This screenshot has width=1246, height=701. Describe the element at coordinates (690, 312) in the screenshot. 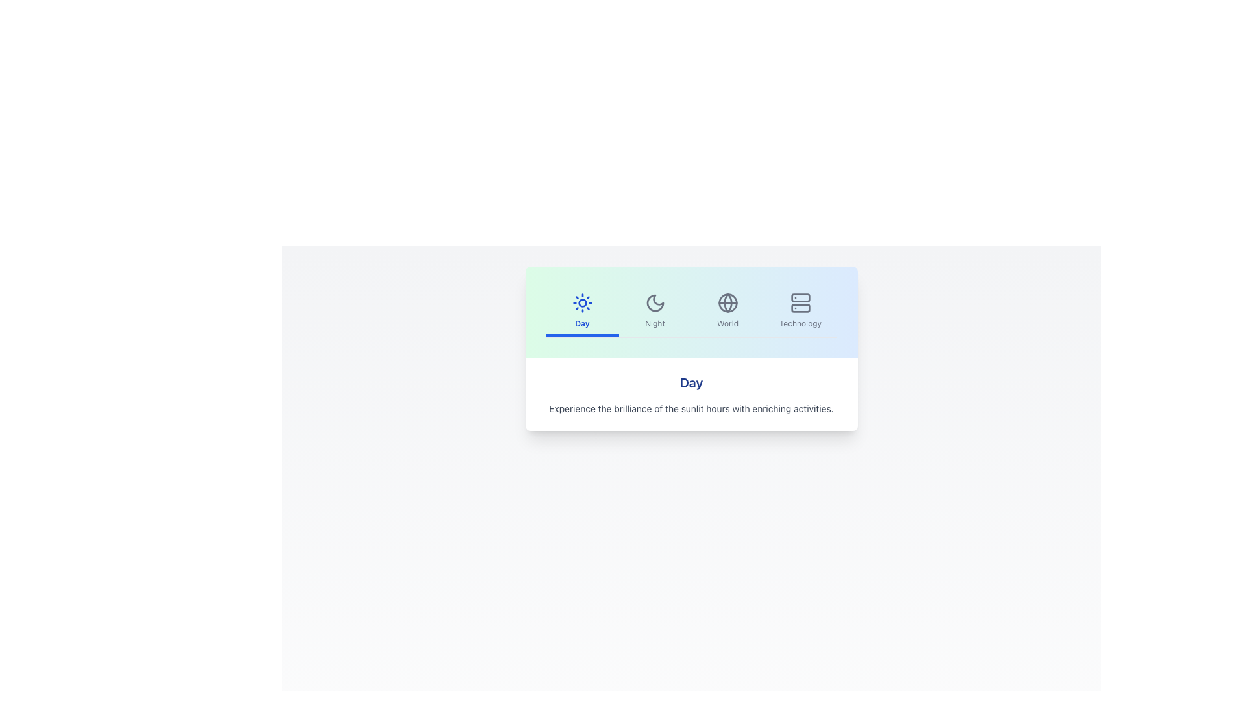

I see `any section of the Tab bar with categorized sections` at that location.